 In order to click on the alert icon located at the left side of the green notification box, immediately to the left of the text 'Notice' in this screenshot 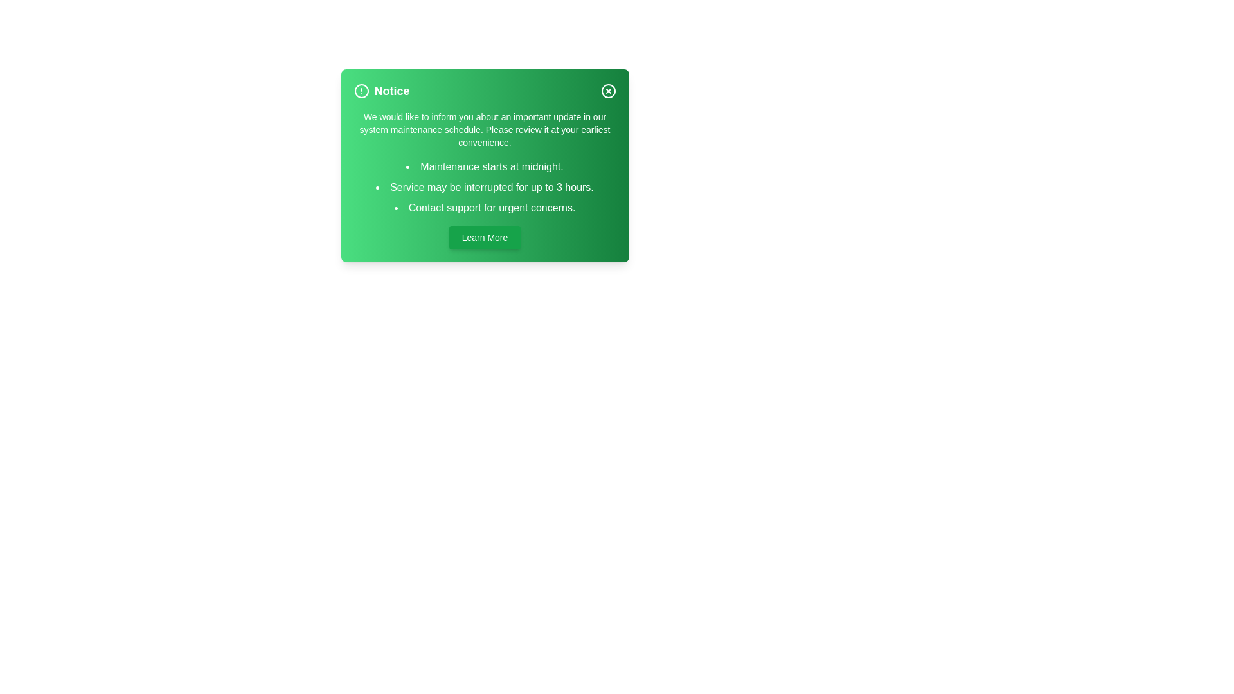, I will do `click(361, 91)`.